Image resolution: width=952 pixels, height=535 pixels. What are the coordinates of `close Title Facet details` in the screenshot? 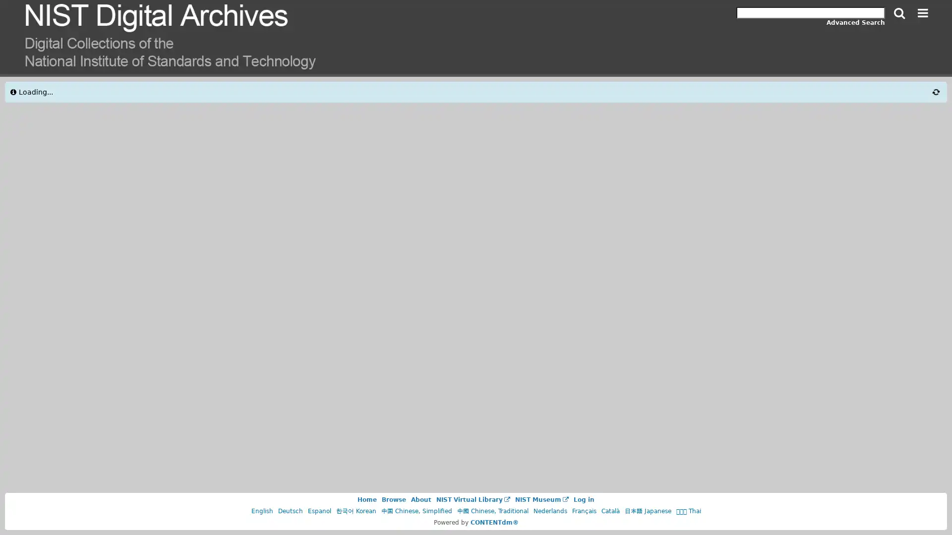 It's located at (24, 254).